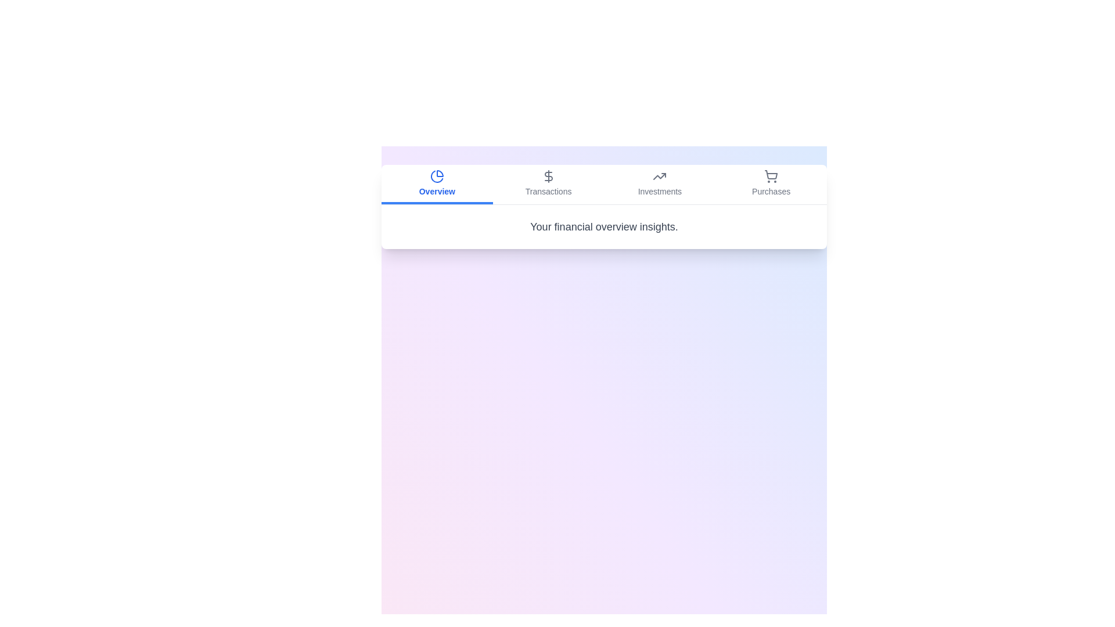 Image resolution: width=1115 pixels, height=627 pixels. I want to click on the Investments tab by clicking on it, so click(660, 183).